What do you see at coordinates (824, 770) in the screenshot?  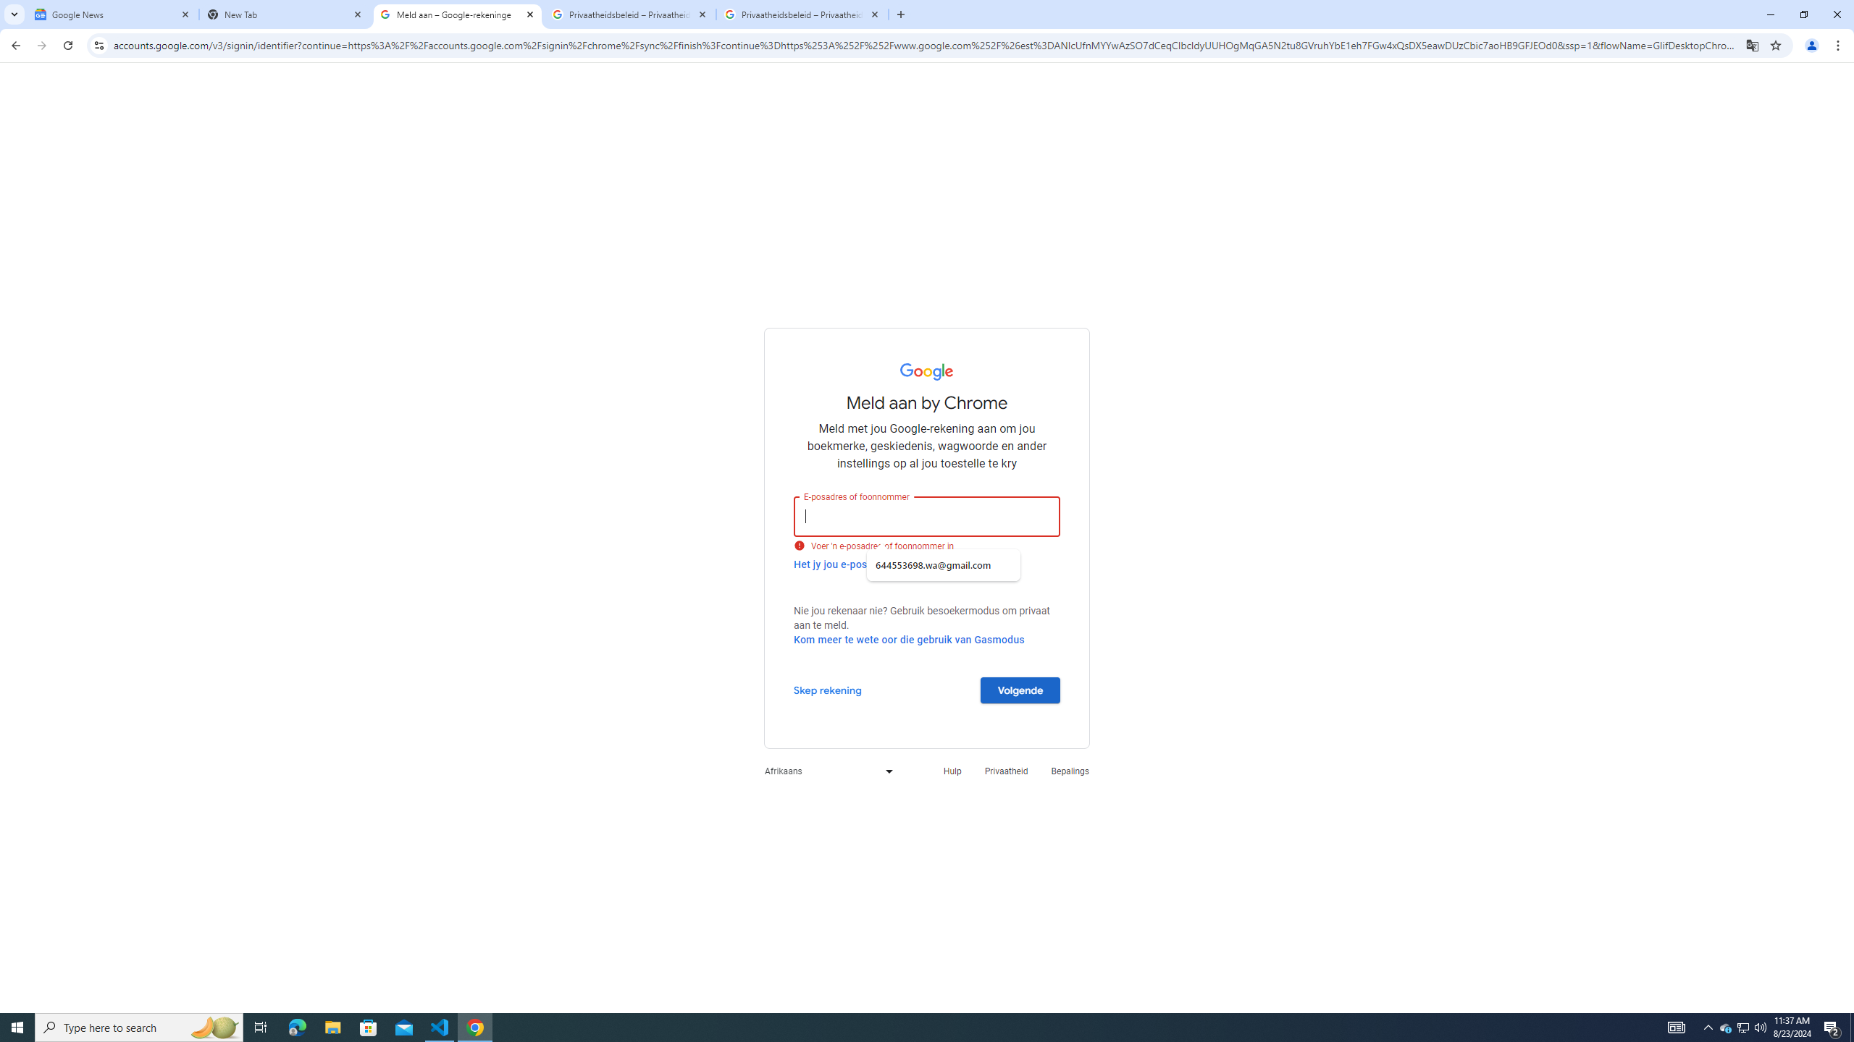 I see `'Afrikaans'` at bounding box center [824, 770].